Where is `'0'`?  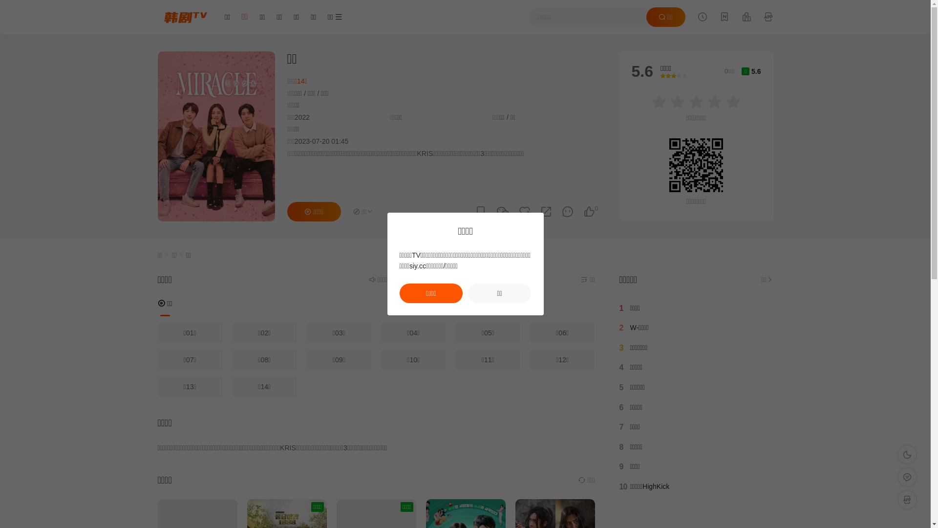
'0' is located at coordinates (588, 211).